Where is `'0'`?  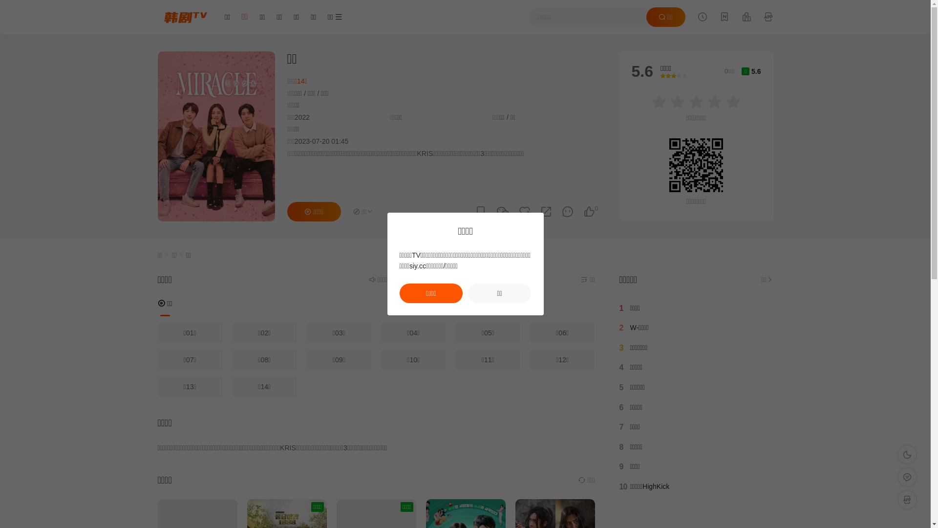
'0' is located at coordinates (588, 211).